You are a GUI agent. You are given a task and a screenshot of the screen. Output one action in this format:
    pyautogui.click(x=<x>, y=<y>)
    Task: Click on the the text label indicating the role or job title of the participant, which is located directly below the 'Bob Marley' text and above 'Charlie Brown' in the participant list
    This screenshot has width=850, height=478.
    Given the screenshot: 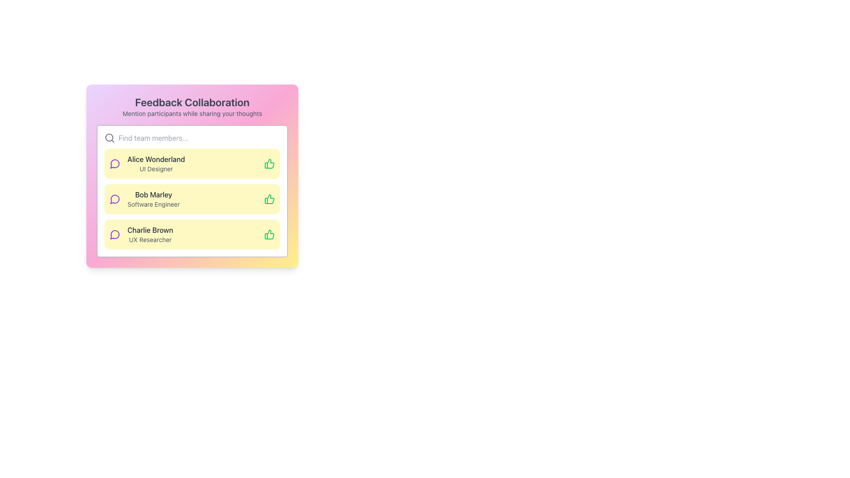 What is the action you would take?
    pyautogui.click(x=154, y=204)
    